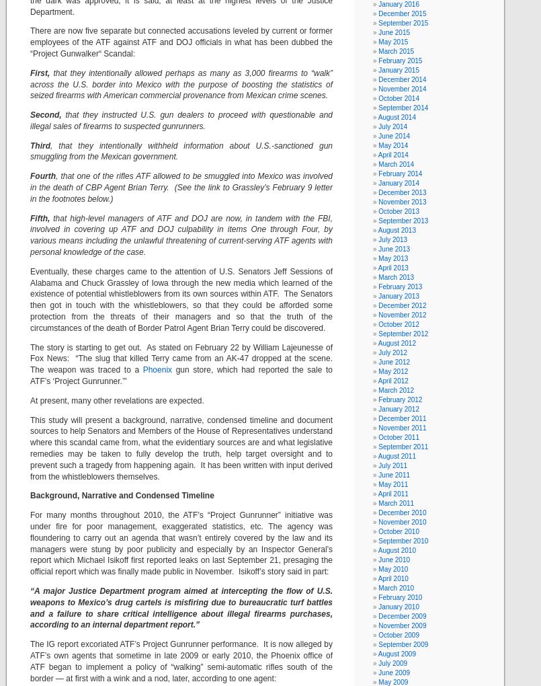  Describe the element at coordinates (402, 305) in the screenshot. I see `'December 2012'` at that location.